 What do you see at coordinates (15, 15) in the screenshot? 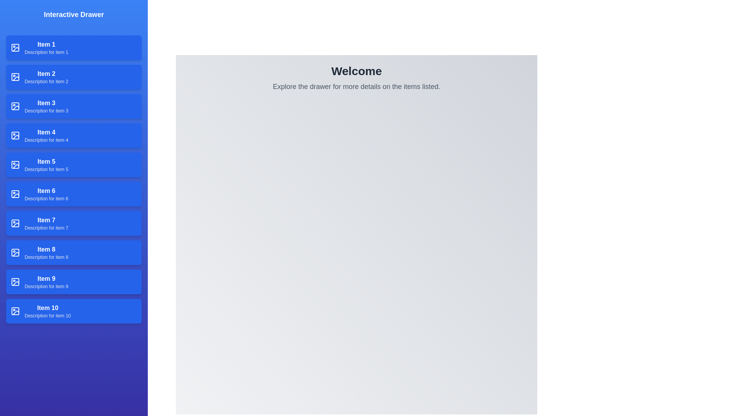
I see `button at the top-left corner to toggle the drawer open or closed` at bounding box center [15, 15].